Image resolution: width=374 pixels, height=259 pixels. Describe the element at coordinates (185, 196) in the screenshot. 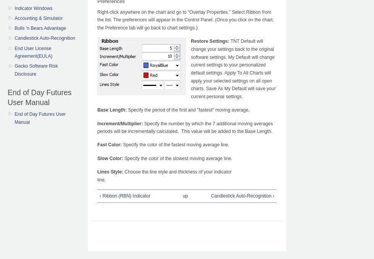

I see `'up'` at that location.